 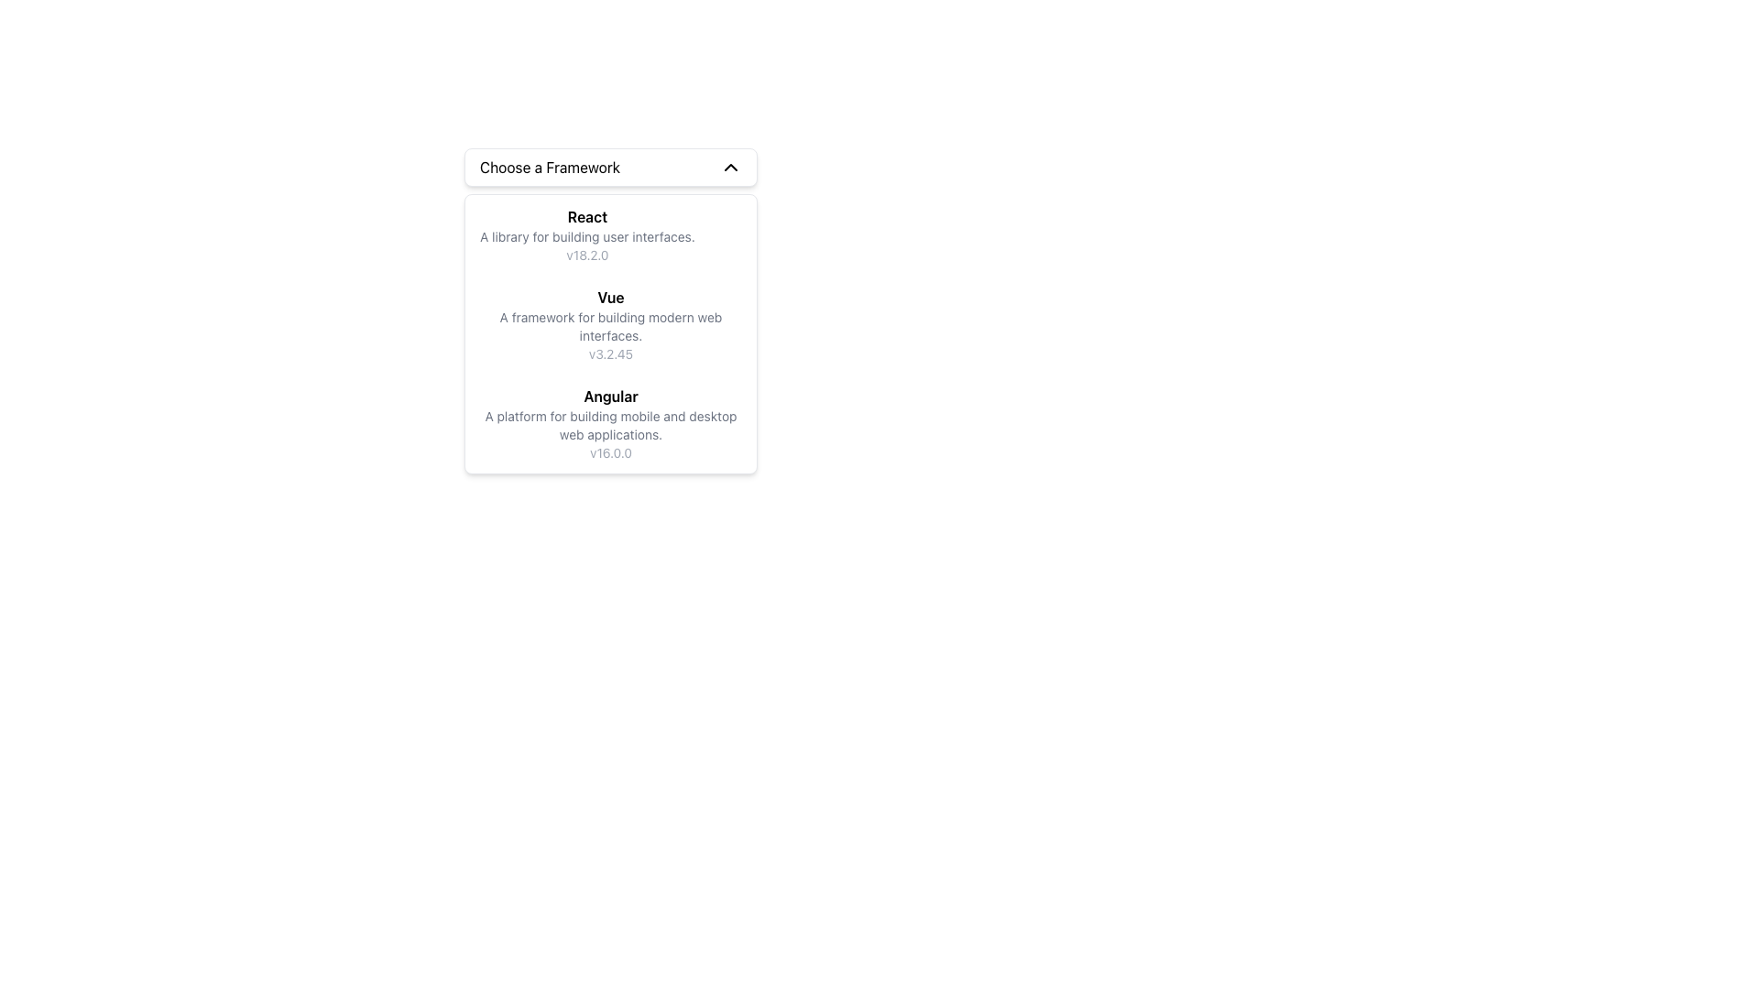 I want to click on the 'Choose a Framework' dropdown header, so click(x=611, y=167).